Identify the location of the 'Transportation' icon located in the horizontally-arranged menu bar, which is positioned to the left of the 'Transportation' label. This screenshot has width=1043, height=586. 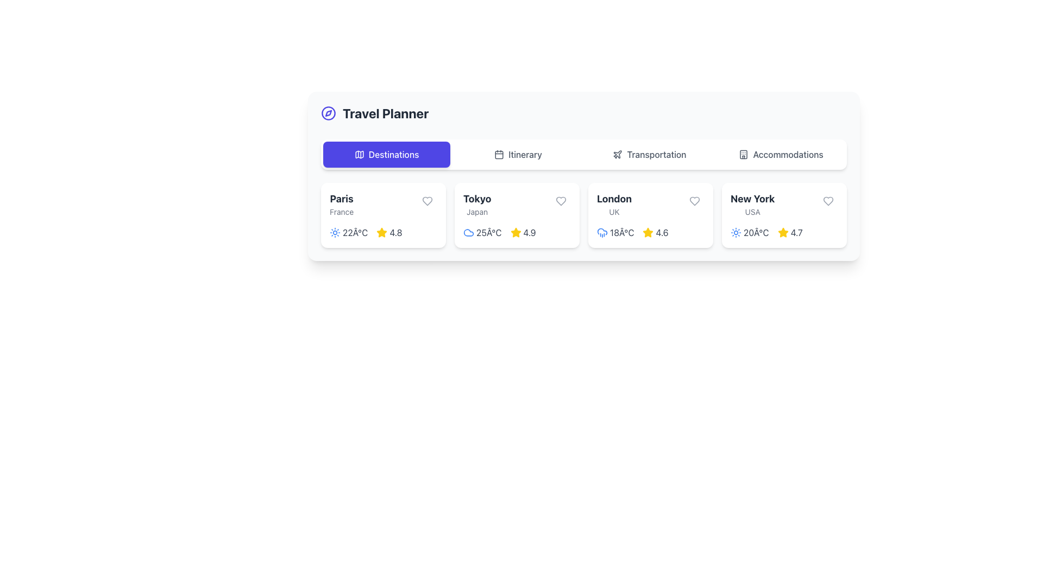
(618, 155).